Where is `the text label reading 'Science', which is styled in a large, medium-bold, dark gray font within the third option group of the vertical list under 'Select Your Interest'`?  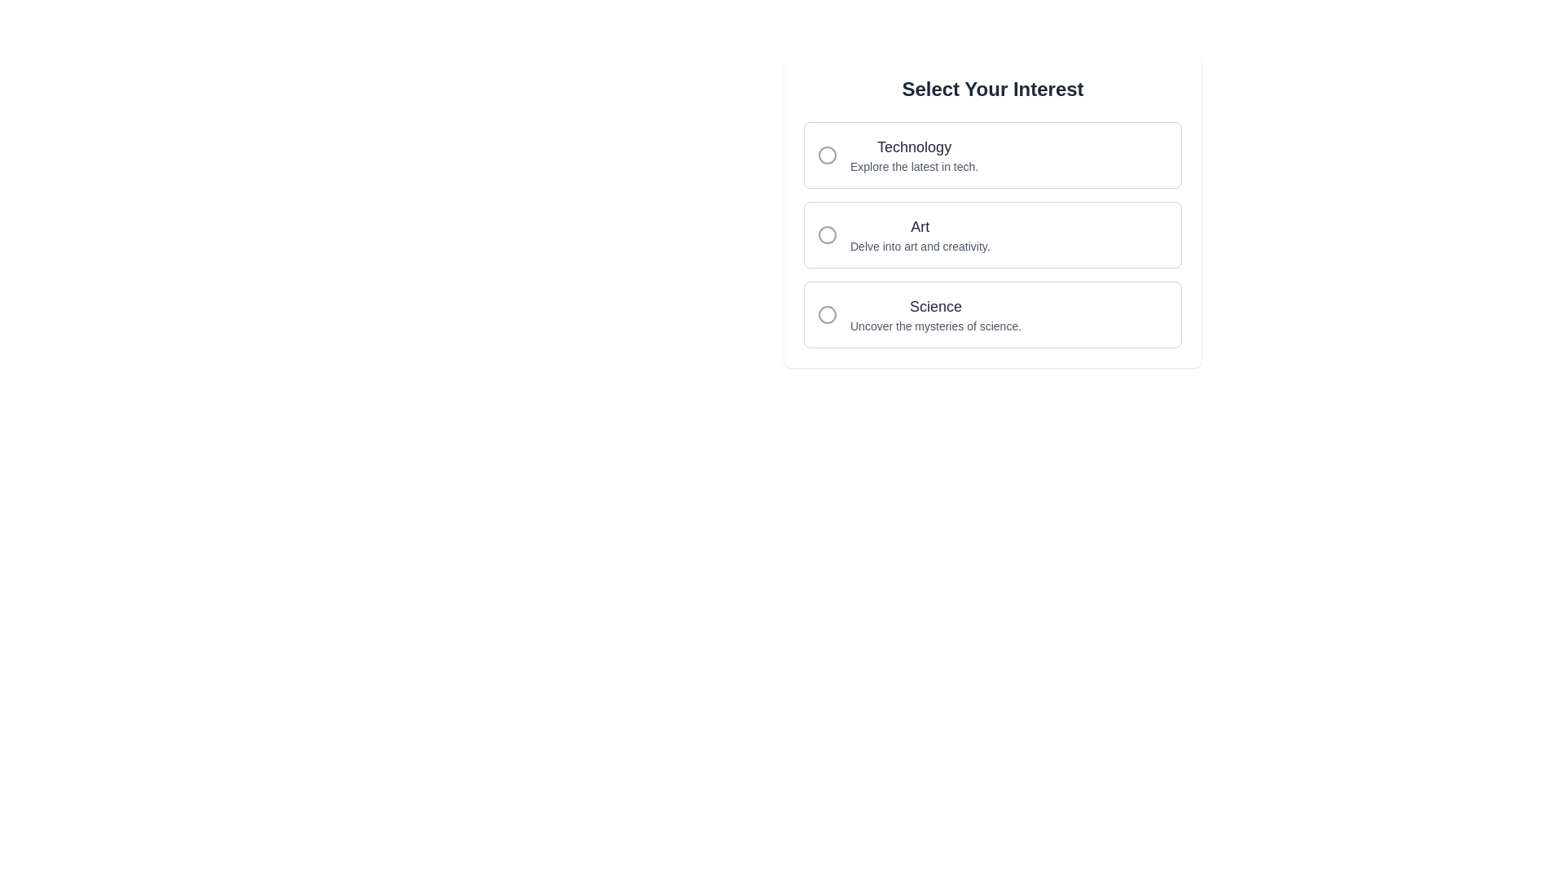
the text label reading 'Science', which is styled in a large, medium-bold, dark gray font within the third option group of the vertical list under 'Select Your Interest' is located at coordinates (936, 307).